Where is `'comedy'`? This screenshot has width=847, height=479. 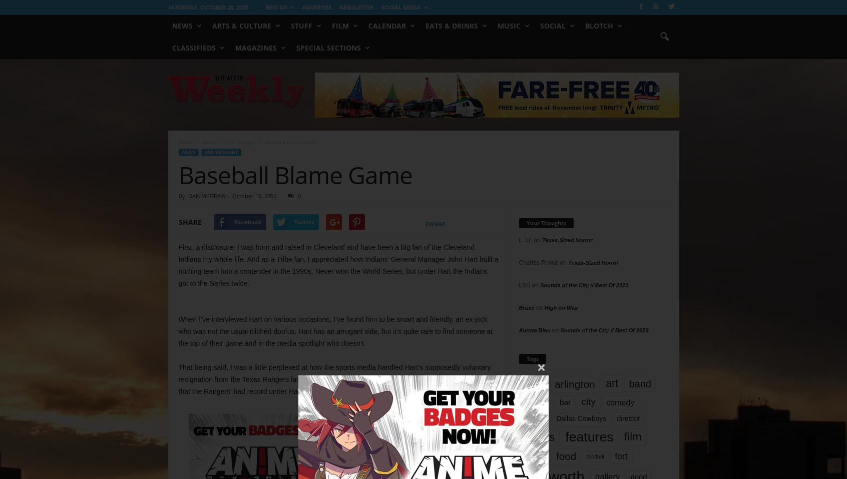 'comedy' is located at coordinates (620, 401).